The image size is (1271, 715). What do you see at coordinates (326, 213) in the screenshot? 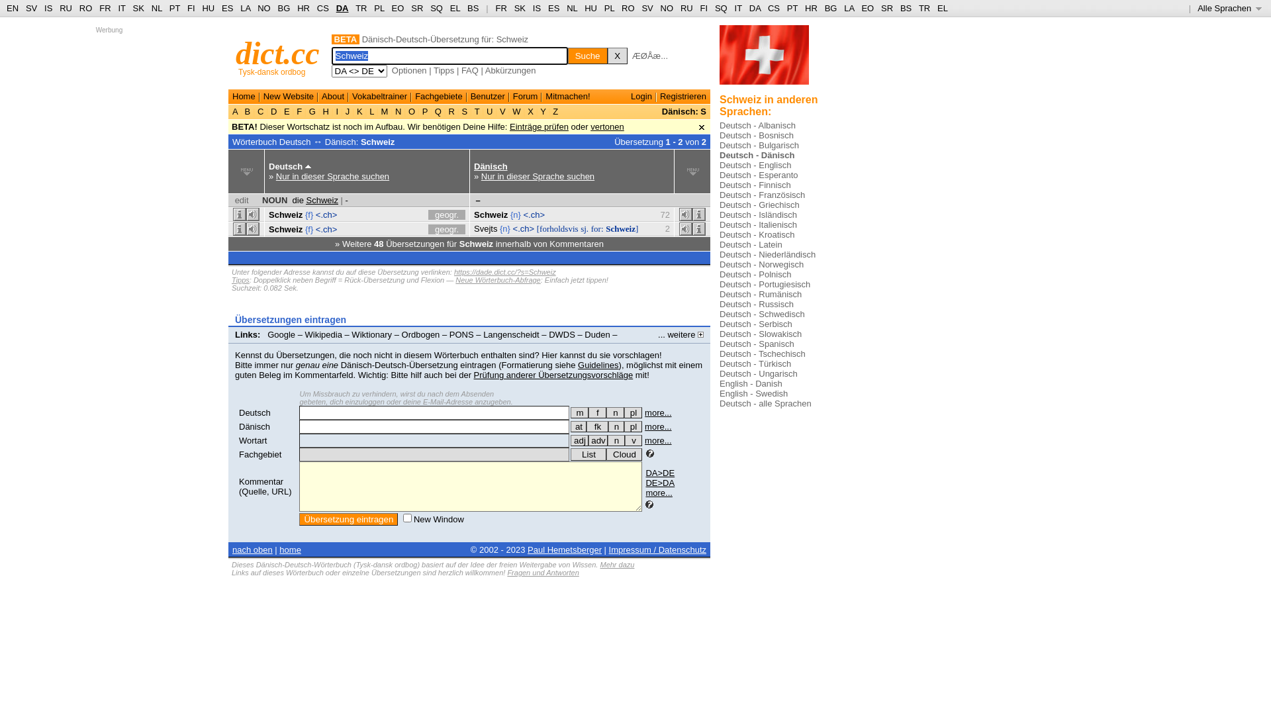
I see `'<.ch>'` at bounding box center [326, 213].